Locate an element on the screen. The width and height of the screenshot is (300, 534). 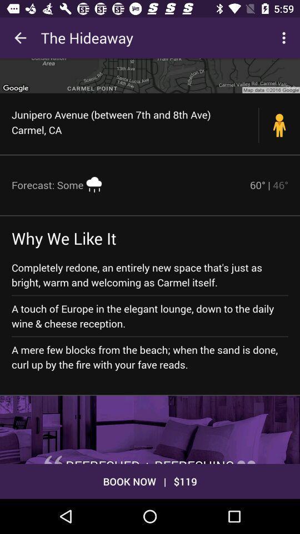
book now   |   $119 icon is located at coordinates (150, 481).